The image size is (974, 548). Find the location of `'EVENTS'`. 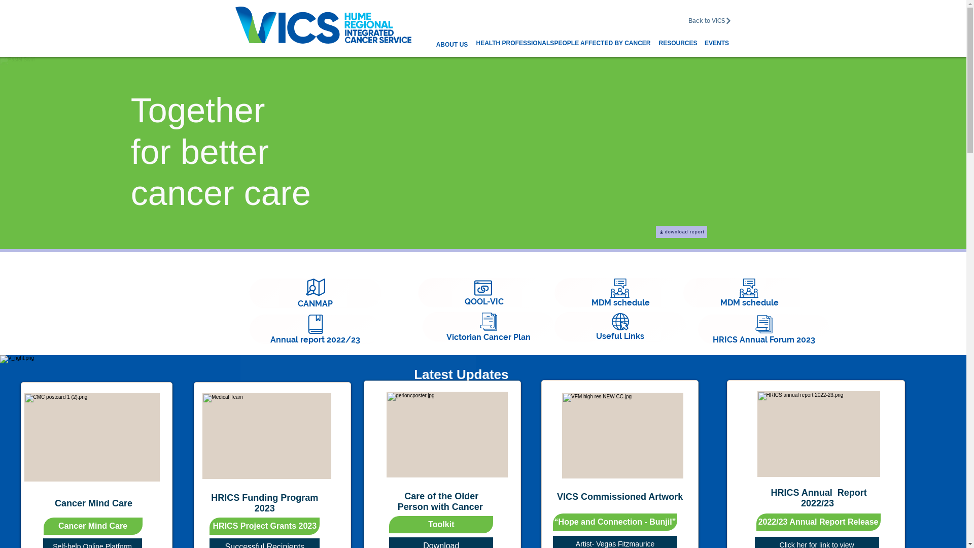

'EVENTS' is located at coordinates (716, 43).